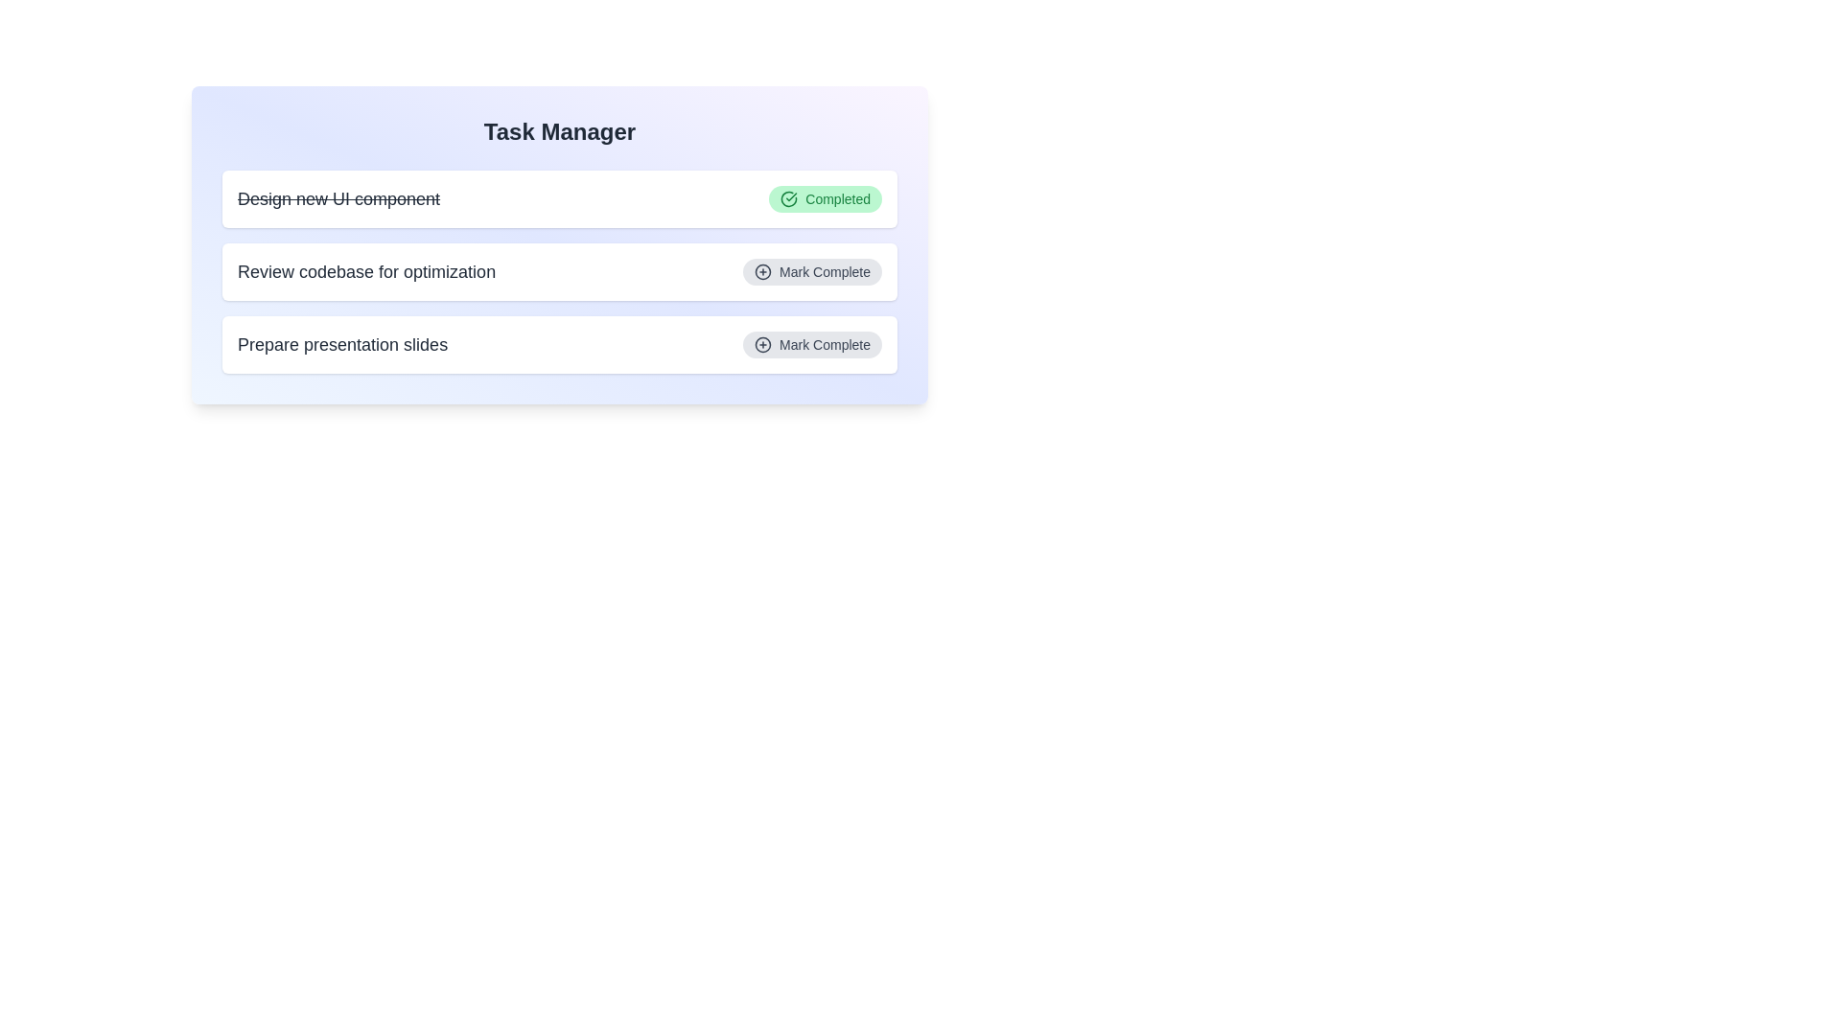 Image resolution: width=1841 pixels, height=1035 pixels. Describe the element at coordinates (812, 343) in the screenshot. I see `the 'Mark Complete' button for the task 'Prepare presentation slides'` at that location.